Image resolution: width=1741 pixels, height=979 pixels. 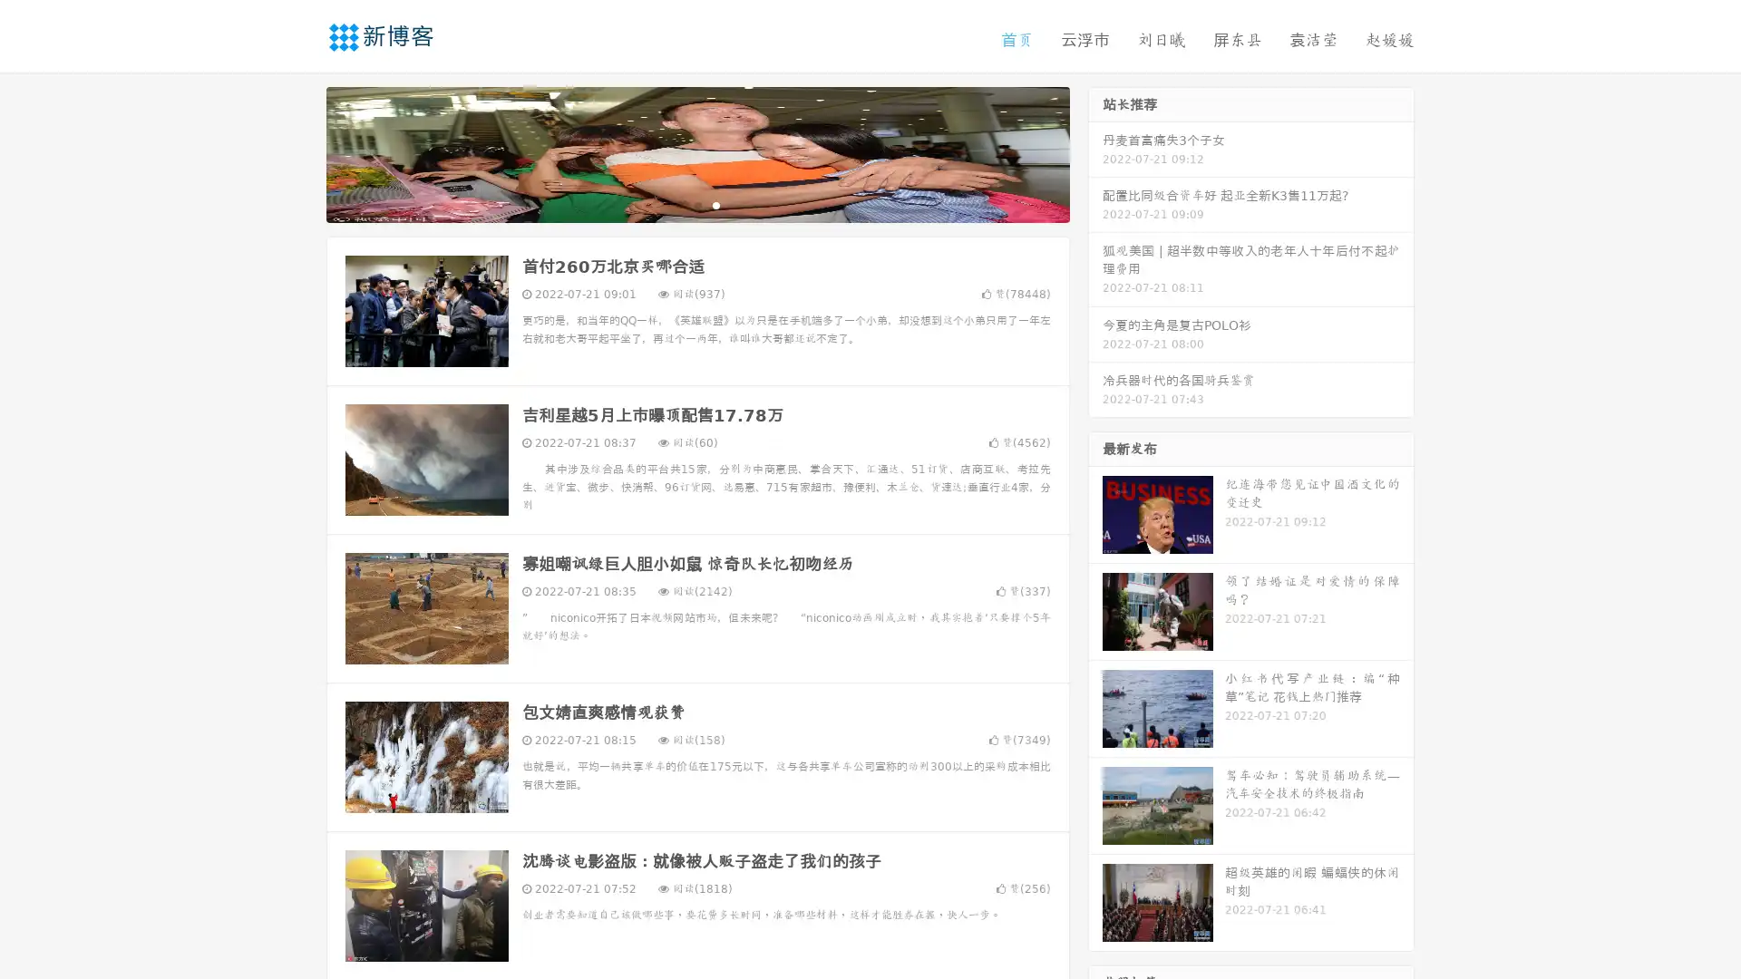 I want to click on Next slide, so click(x=1095, y=152).